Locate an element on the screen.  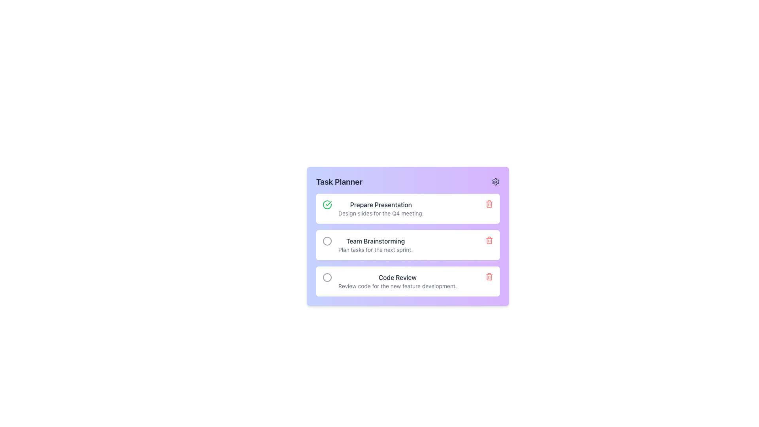
the gear icon located at the far right of the 'Task Planner' header is located at coordinates (495, 181).